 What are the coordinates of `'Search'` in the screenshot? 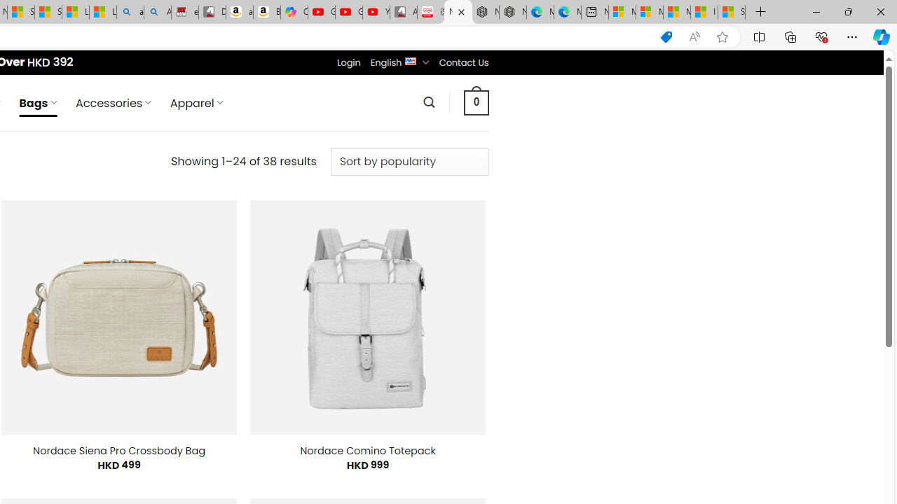 It's located at (428, 101).